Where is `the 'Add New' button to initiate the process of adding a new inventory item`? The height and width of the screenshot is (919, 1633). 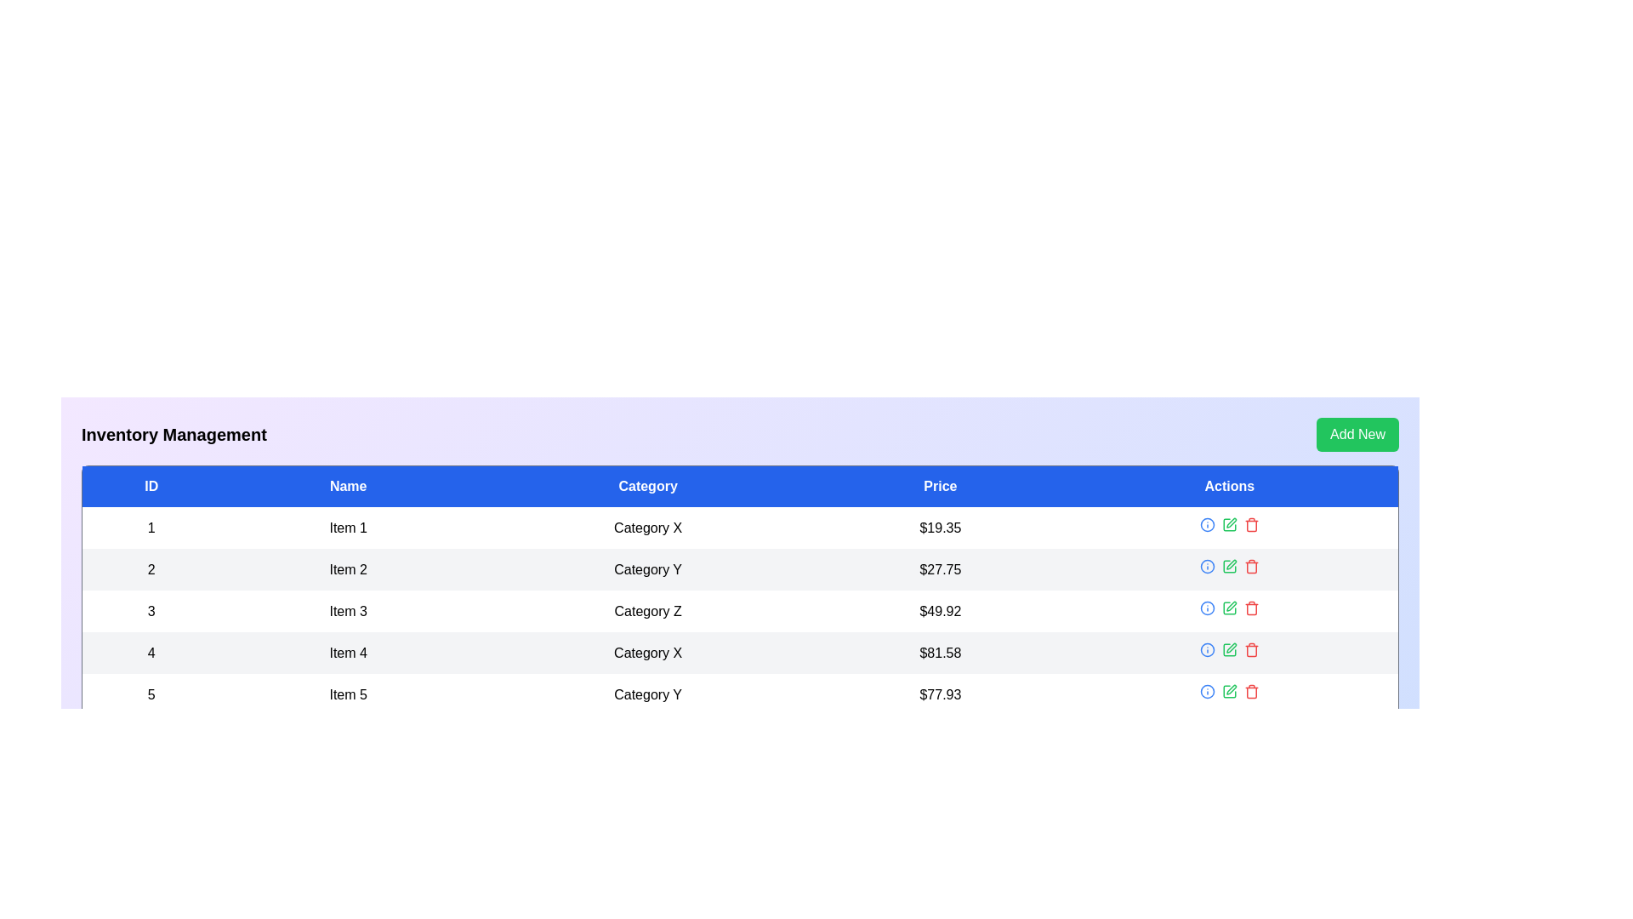 the 'Add New' button to initiate the process of adding a new inventory item is located at coordinates (1357, 433).